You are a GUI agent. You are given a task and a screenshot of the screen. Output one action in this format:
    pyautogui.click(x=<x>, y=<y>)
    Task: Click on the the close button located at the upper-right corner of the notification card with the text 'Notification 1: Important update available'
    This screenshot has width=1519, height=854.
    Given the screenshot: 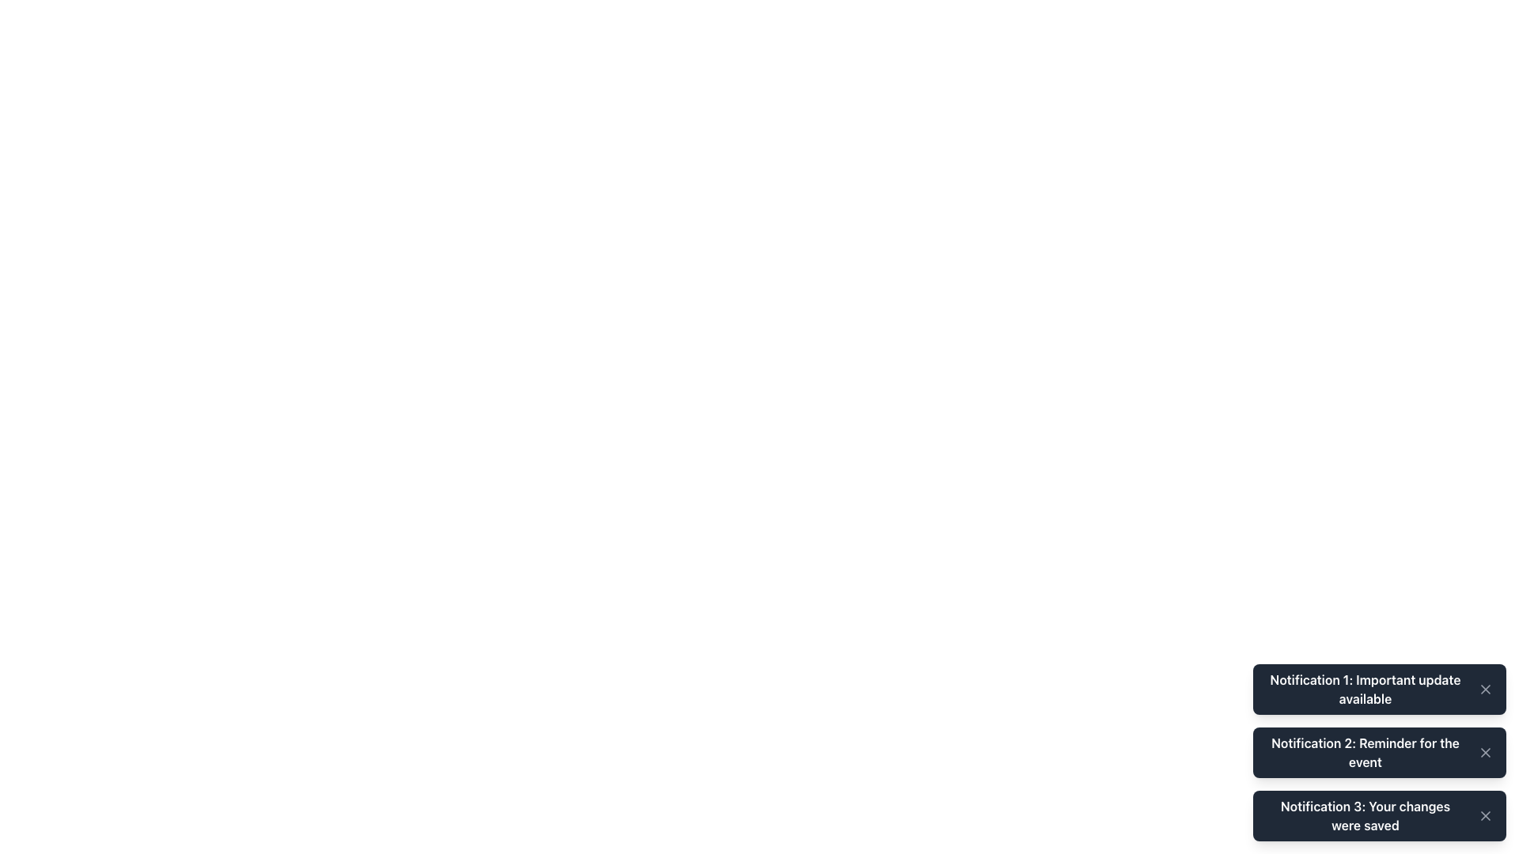 What is the action you would take?
    pyautogui.click(x=1484, y=688)
    